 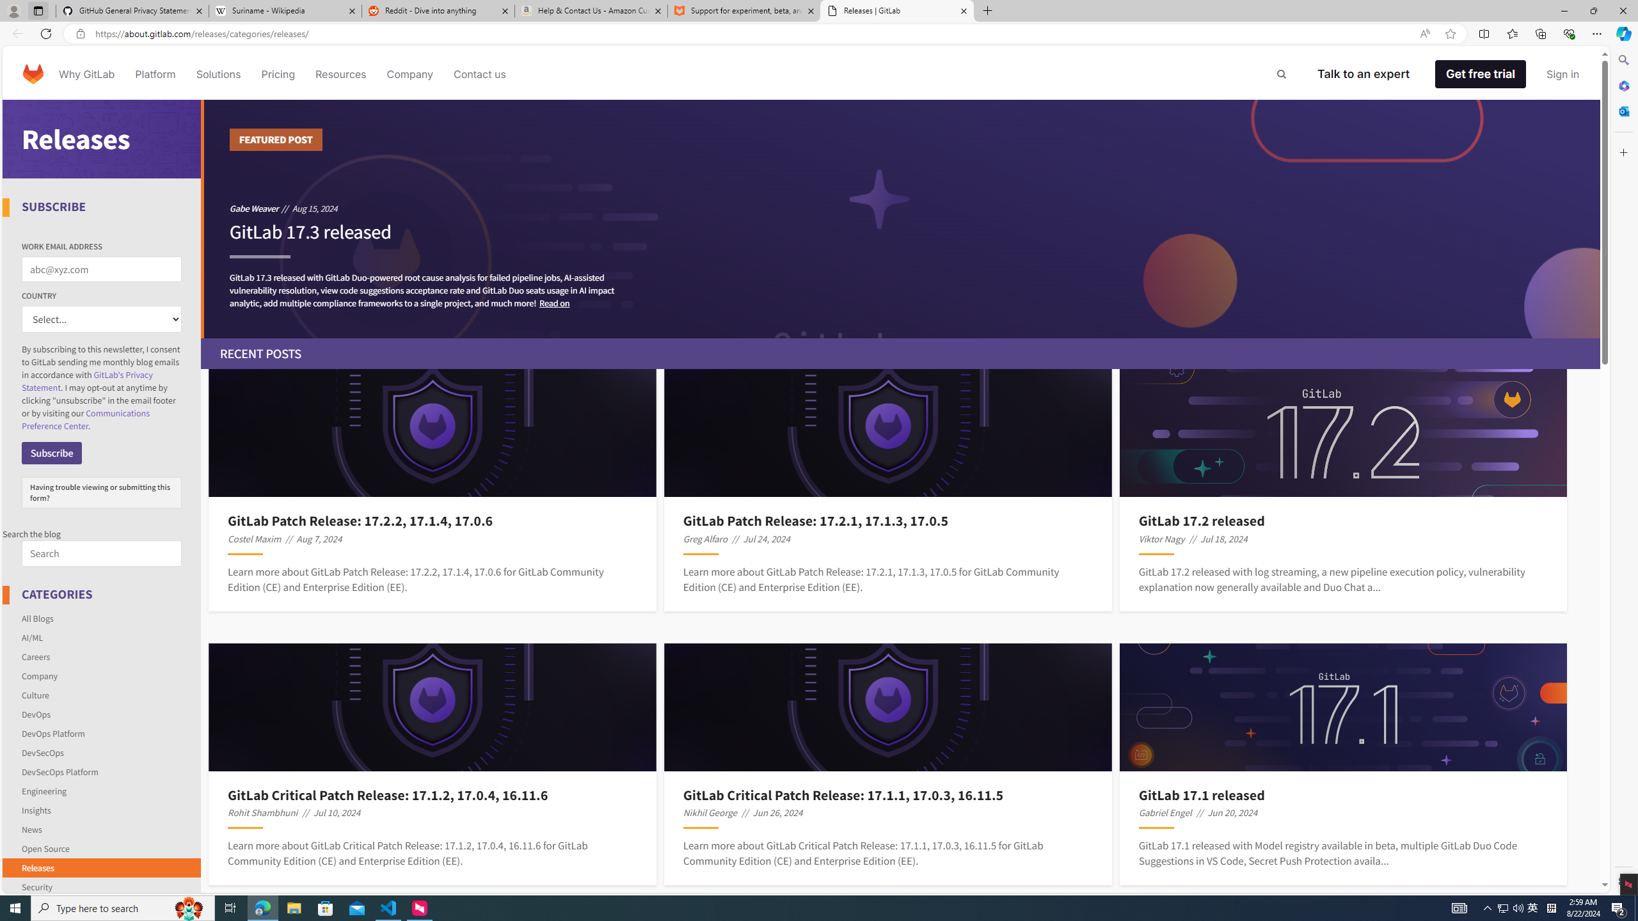 What do you see at coordinates (276, 73) in the screenshot?
I see `'Pricing'` at bounding box center [276, 73].